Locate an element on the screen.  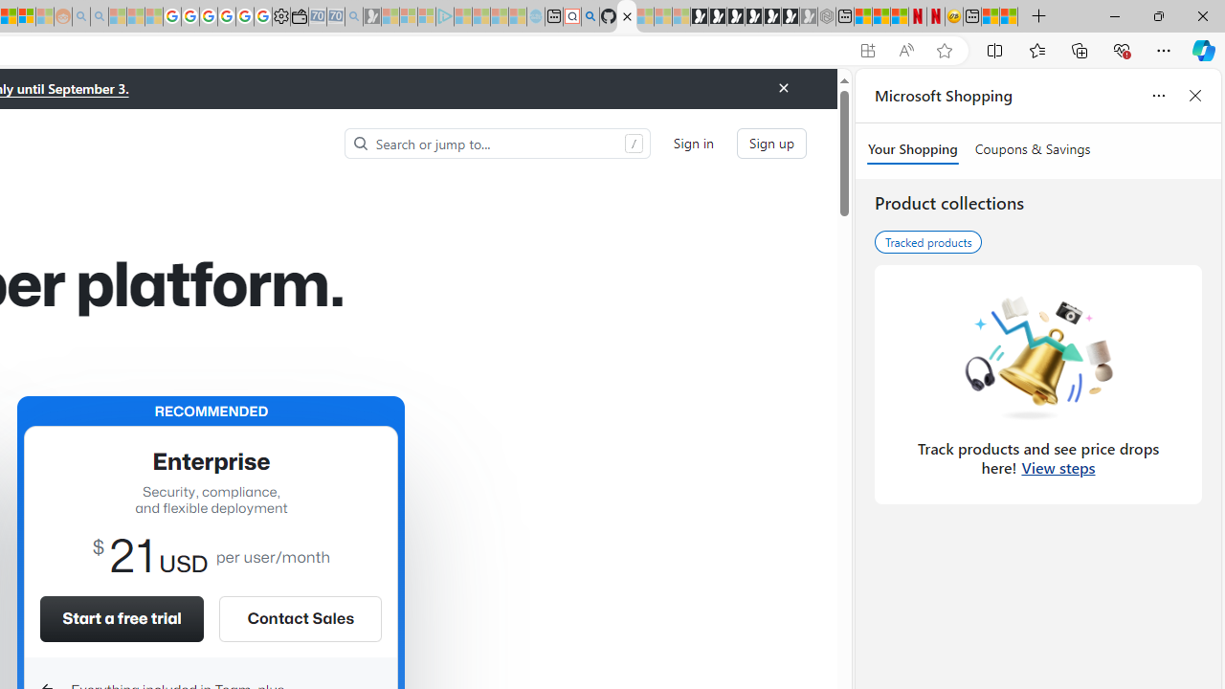
'Contact Sales' is located at coordinates (299, 618).